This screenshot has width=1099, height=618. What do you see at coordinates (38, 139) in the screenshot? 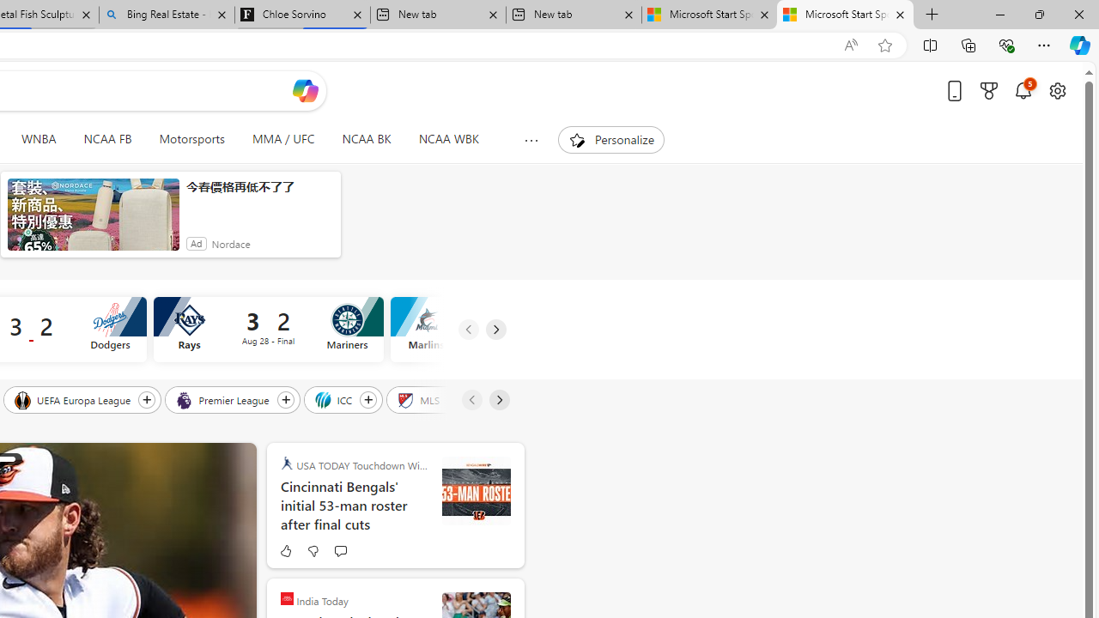
I see `'WNBA'` at bounding box center [38, 139].